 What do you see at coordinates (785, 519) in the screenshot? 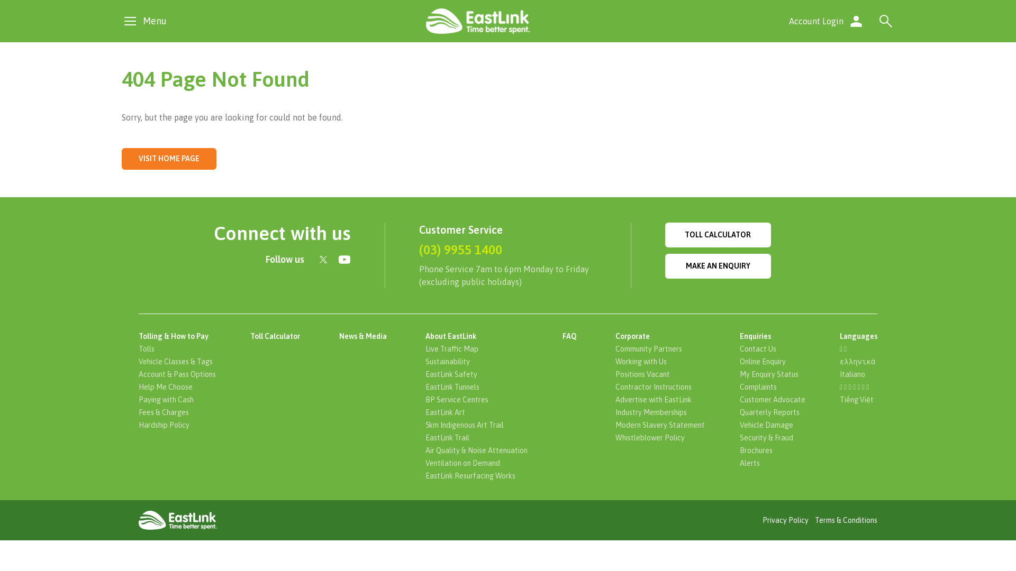
I see `'Privacy Policy'` at bounding box center [785, 519].